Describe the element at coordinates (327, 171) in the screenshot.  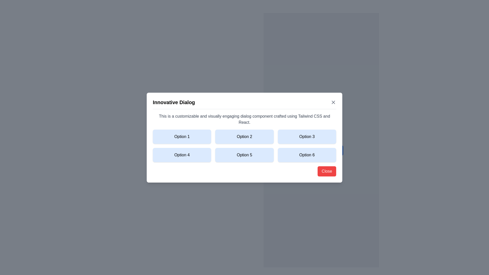
I see `the 'Close' button to close the dialog` at that location.